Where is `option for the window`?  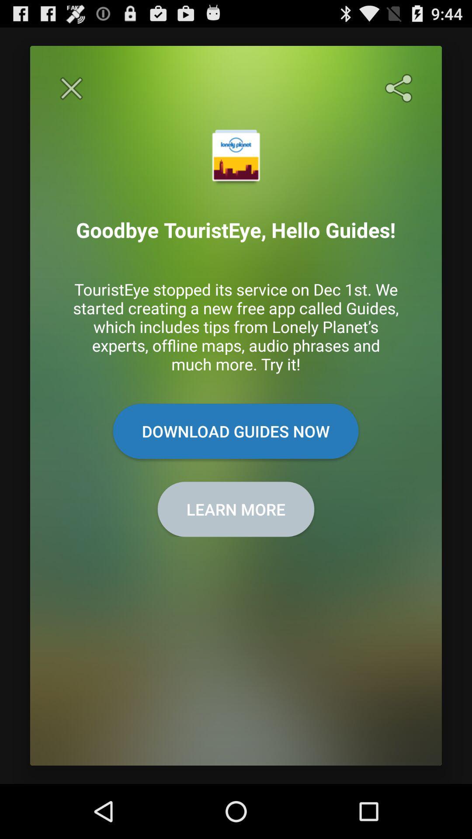 option for the window is located at coordinates (71, 88).